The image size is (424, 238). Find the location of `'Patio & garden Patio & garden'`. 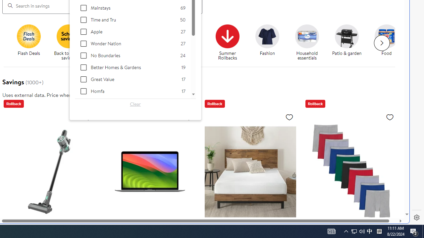

'Patio & garden Patio & garden' is located at coordinates (346, 40).